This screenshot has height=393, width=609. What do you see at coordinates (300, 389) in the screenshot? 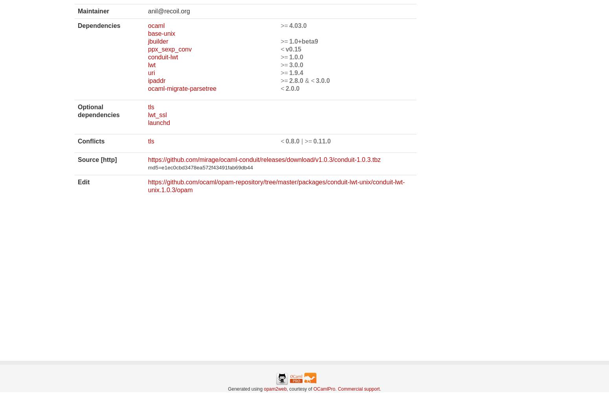
I see `', courtesy of'` at bounding box center [300, 389].